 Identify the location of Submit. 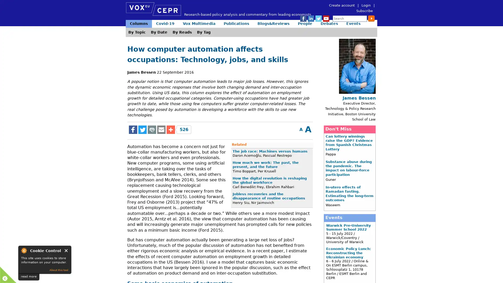
(371, 18).